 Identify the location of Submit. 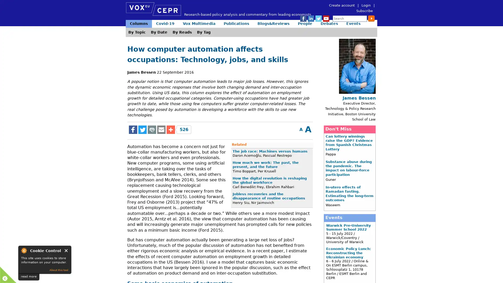
(371, 18).